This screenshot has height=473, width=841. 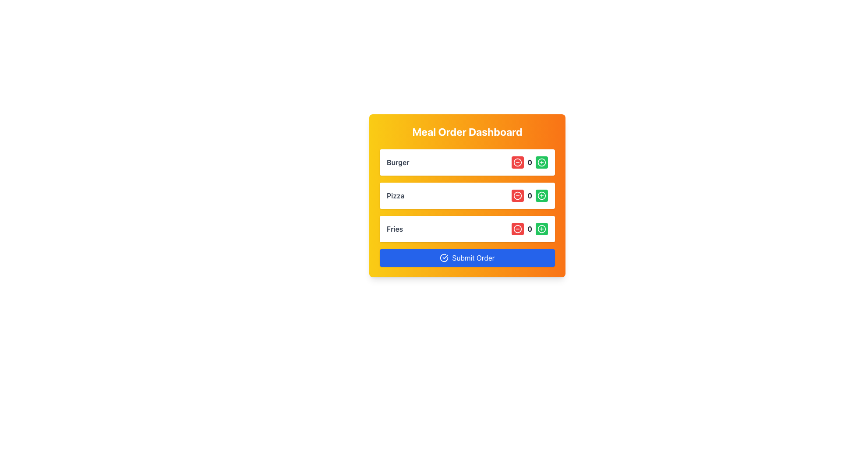 What do you see at coordinates (397, 162) in the screenshot?
I see `the static text label indicating the food item 'Burger', which is located in the first item of a vertical list of order options` at bounding box center [397, 162].